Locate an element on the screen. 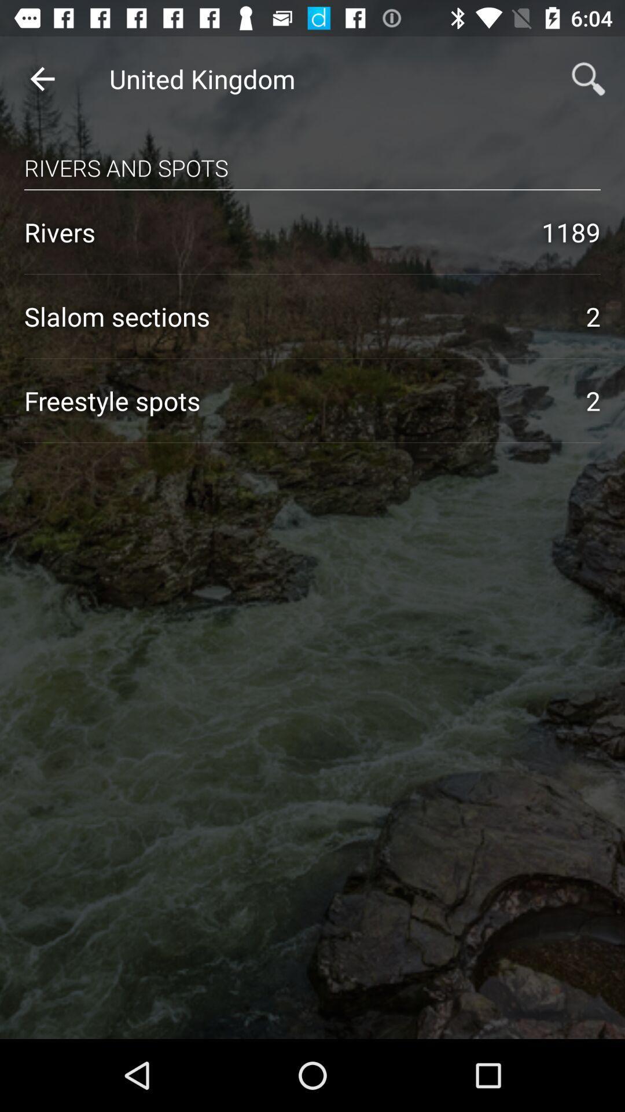 This screenshot has width=625, height=1112. the icon above 1189 is located at coordinates (312, 189).